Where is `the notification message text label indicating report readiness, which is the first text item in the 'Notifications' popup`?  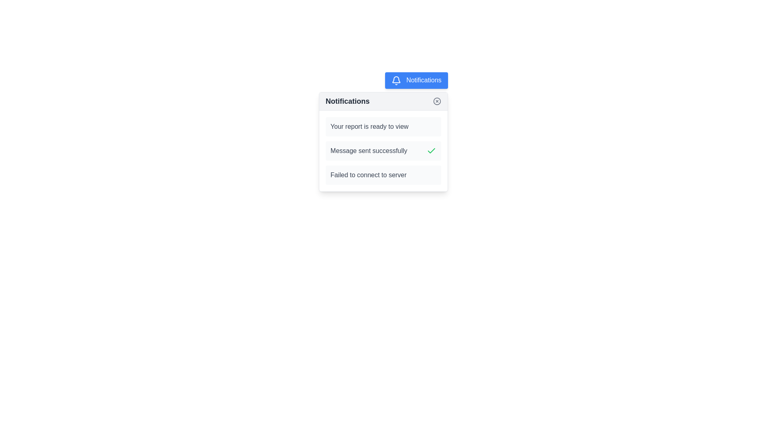
the notification message text label indicating report readiness, which is the first text item in the 'Notifications' popup is located at coordinates (369, 126).